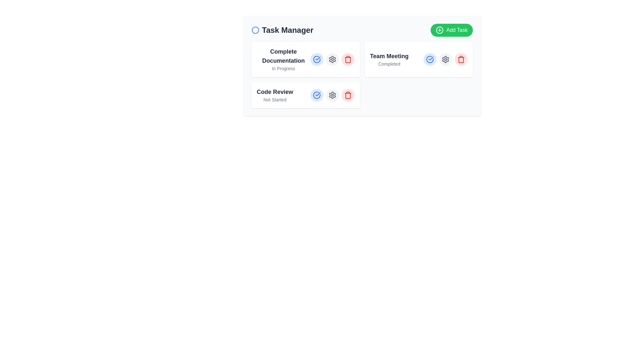 Image resolution: width=624 pixels, height=351 pixels. Describe the element at coordinates (347, 95) in the screenshot. I see `the deletion button located in the bottom-right corner of the 'Code Review' task block` at that location.